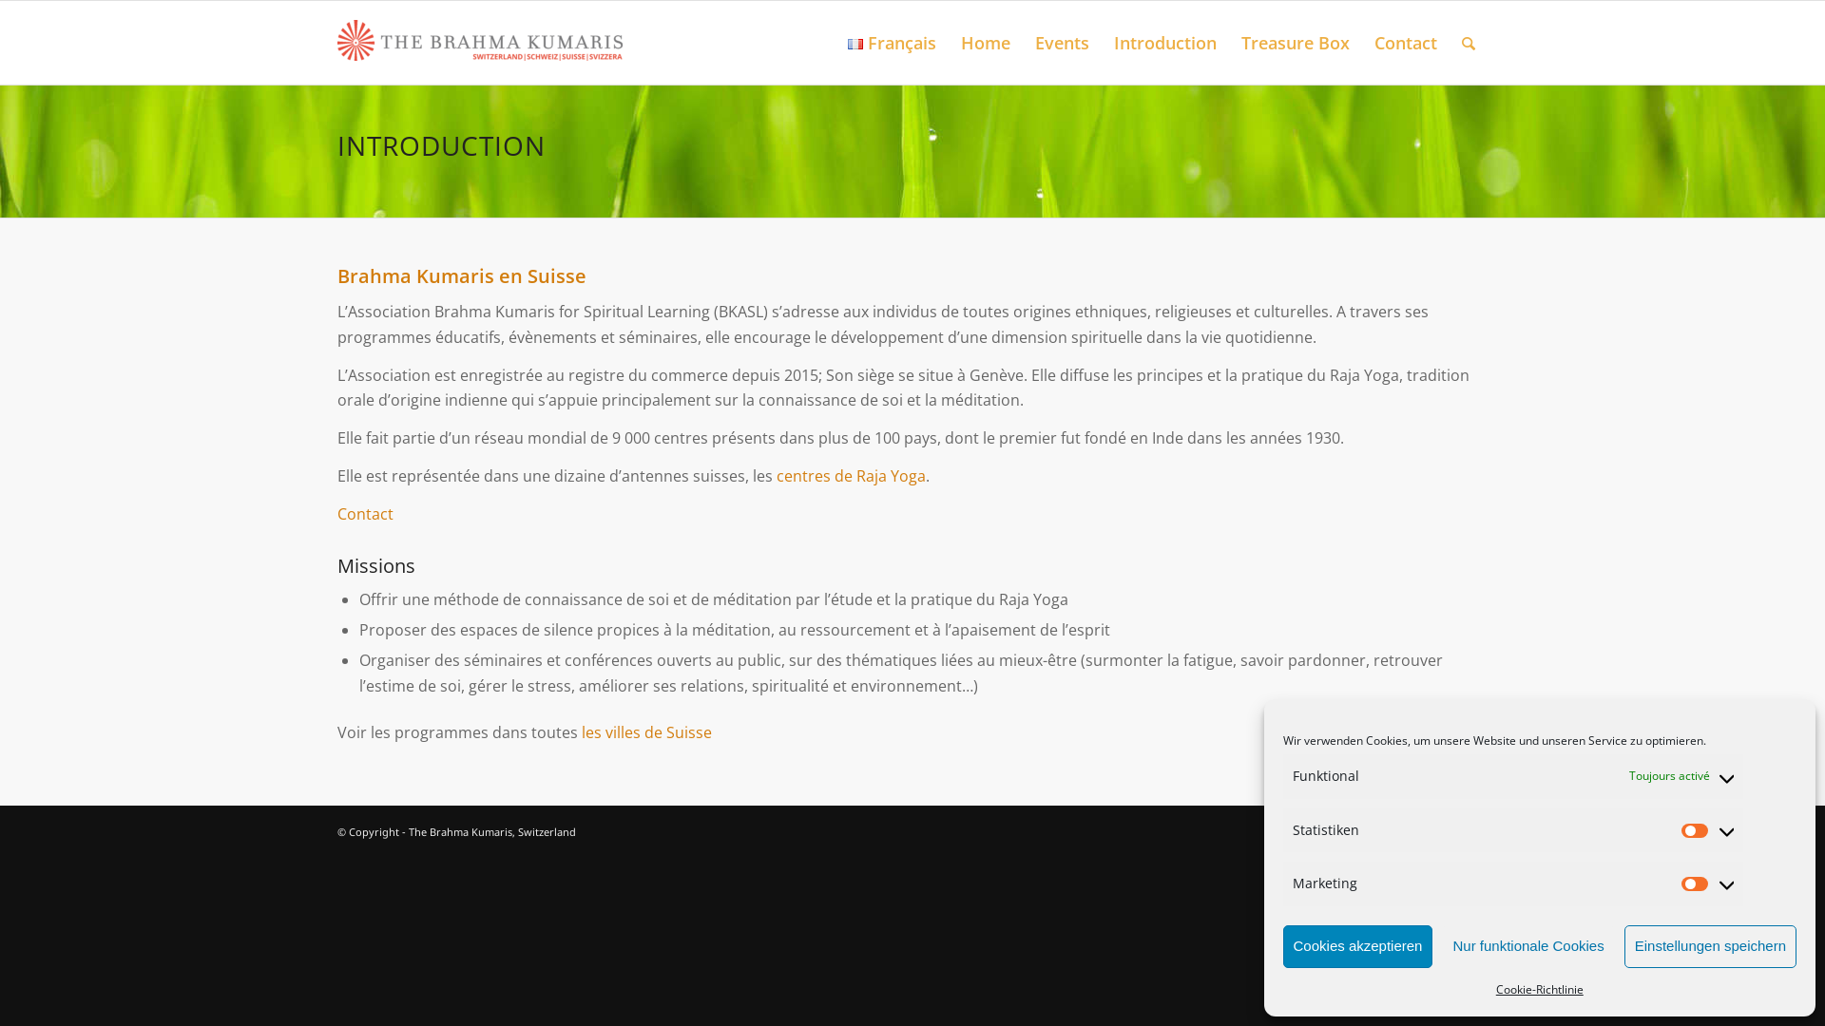 This screenshot has width=1825, height=1026. Describe the element at coordinates (1101, 43) in the screenshot. I see `'Introduction'` at that location.